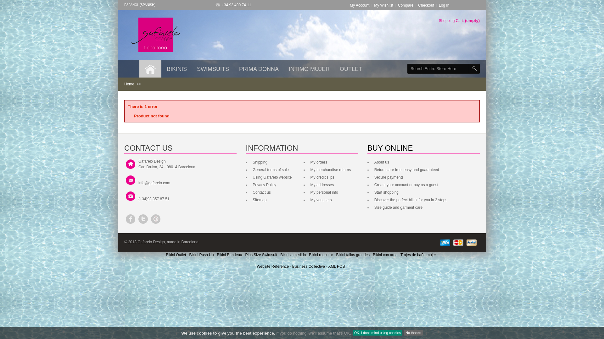 The width and height of the screenshot is (604, 339). Describe the element at coordinates (309, 177) in the screenshot. I see `'My credit slips'` at that location.